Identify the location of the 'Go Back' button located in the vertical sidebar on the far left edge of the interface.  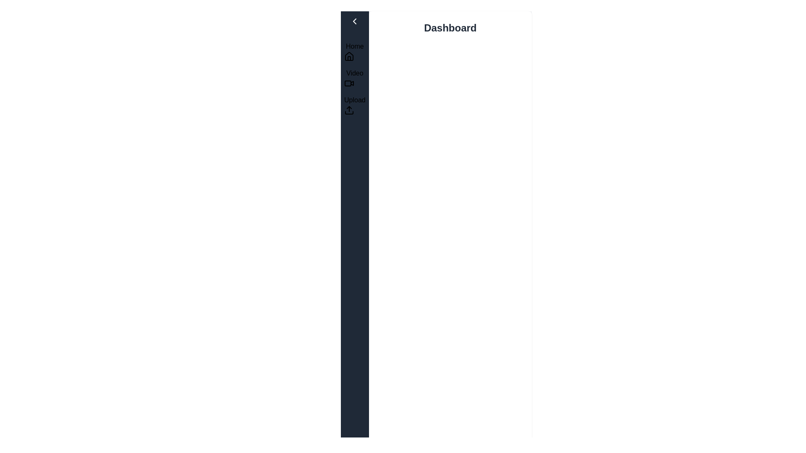
(355, 21).